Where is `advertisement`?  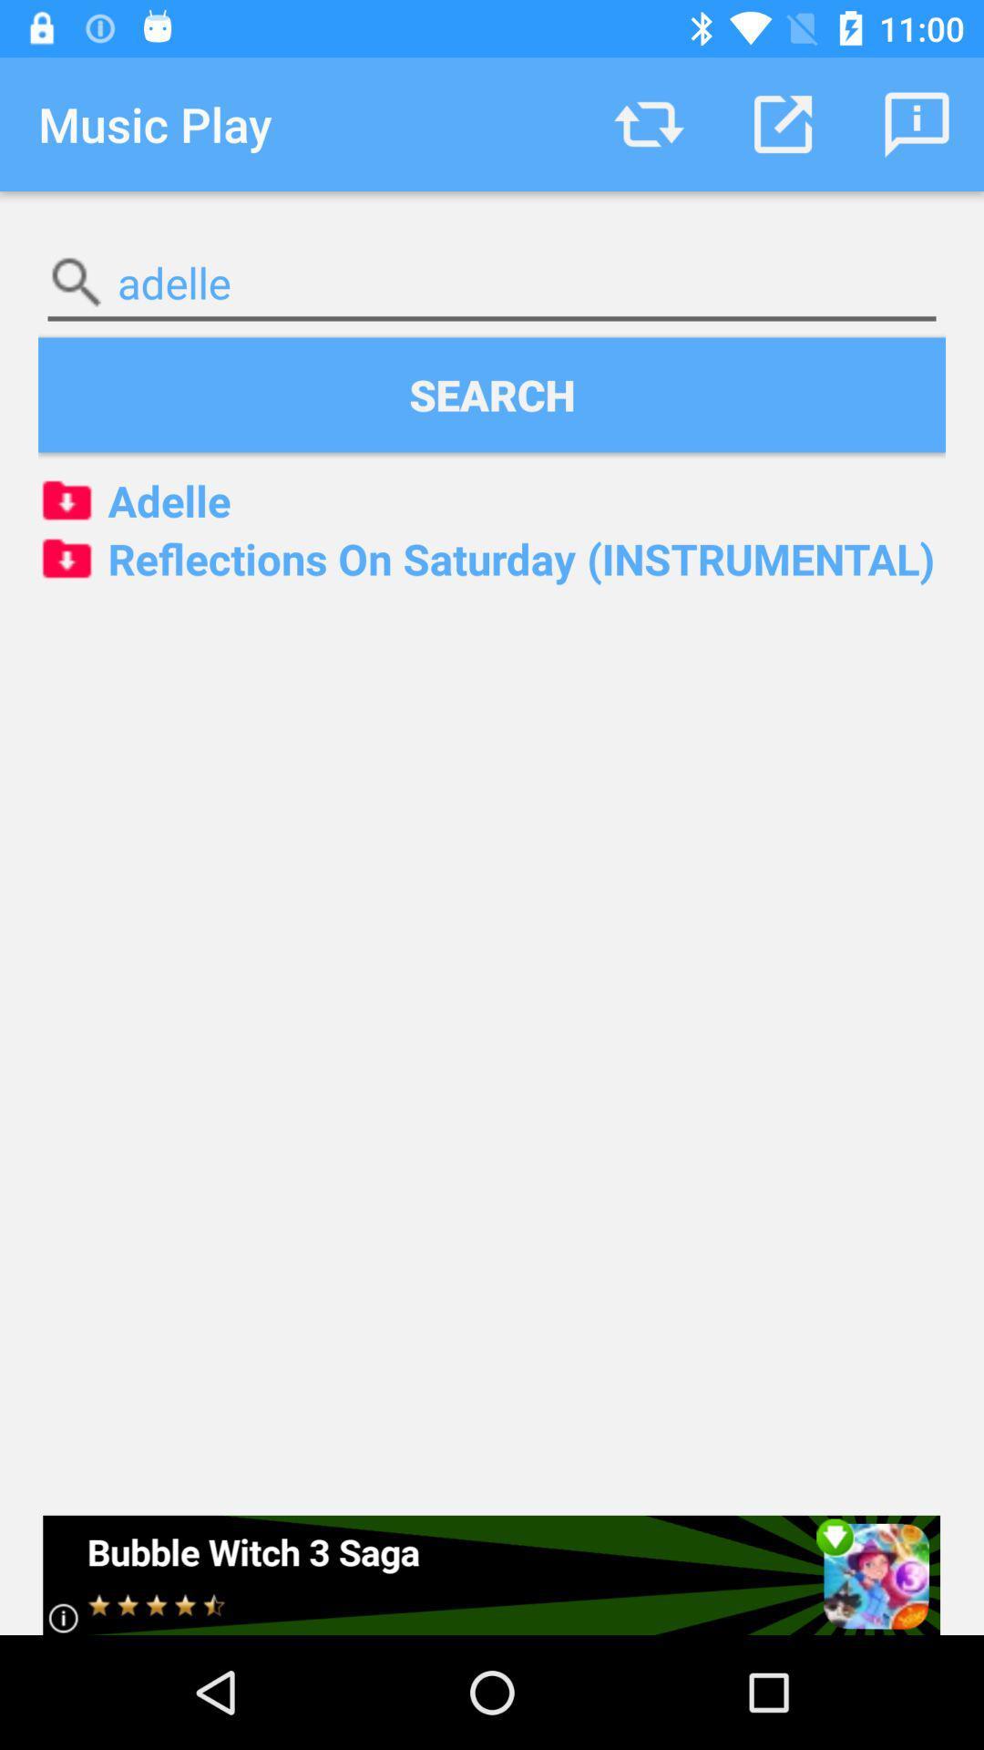 advertisement is located at coordinates (490, 1574).